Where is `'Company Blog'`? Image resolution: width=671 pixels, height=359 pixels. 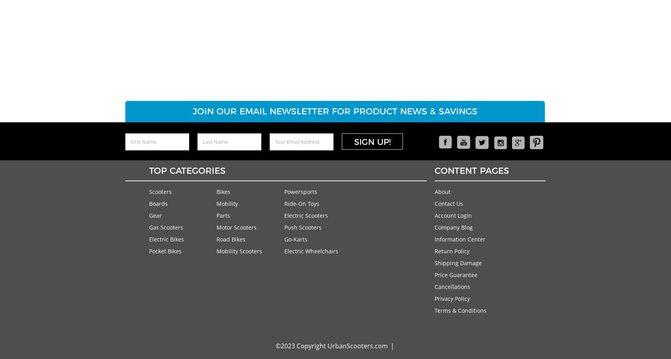 'Company Blog' is located at coordinates (453, 227).